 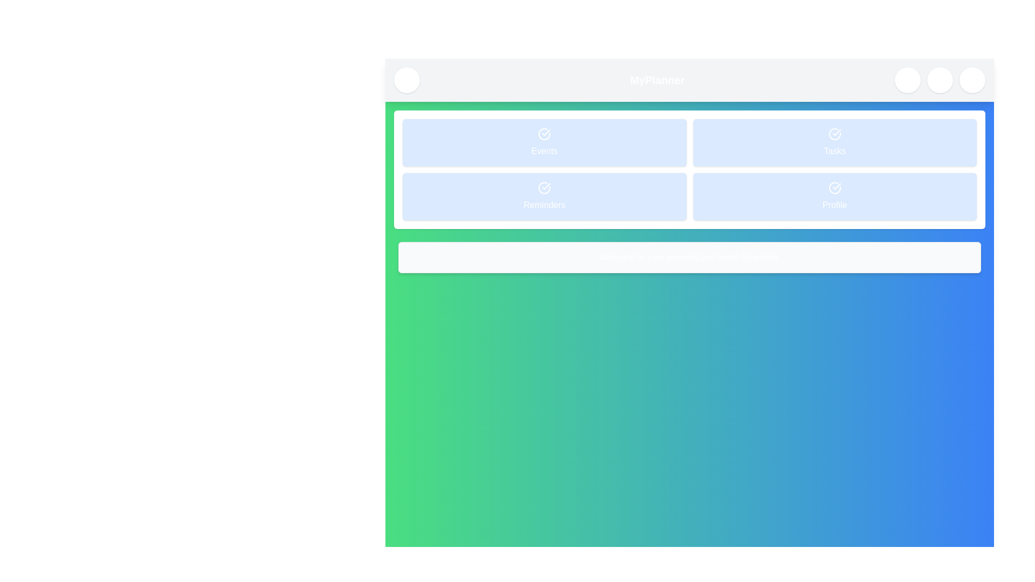 What do you see at coordinates (544, 197) in the screenshot?
I see `the 'Reminders' button to navigate to the Reminders section` at bounding box center [544, 197].